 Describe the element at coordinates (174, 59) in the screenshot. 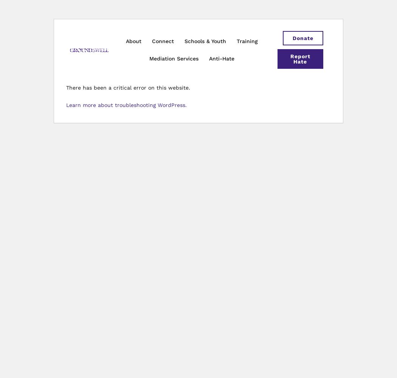

I see `'Mediation Services'` at that location.